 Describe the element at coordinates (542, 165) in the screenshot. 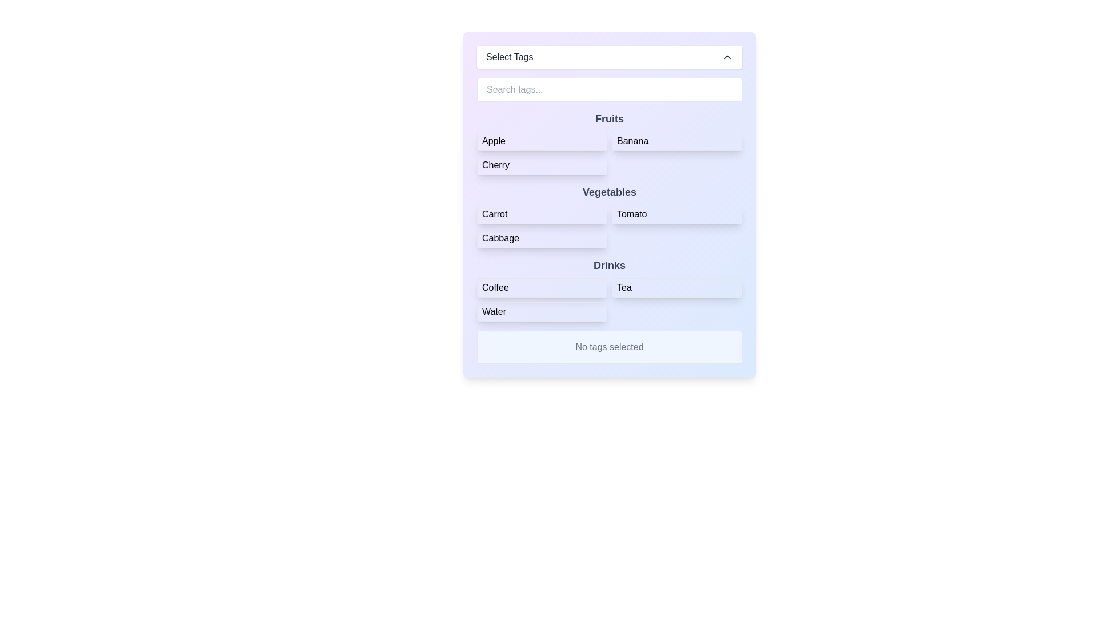

I see `the selectable button labeled 'Cherry'` at that location.